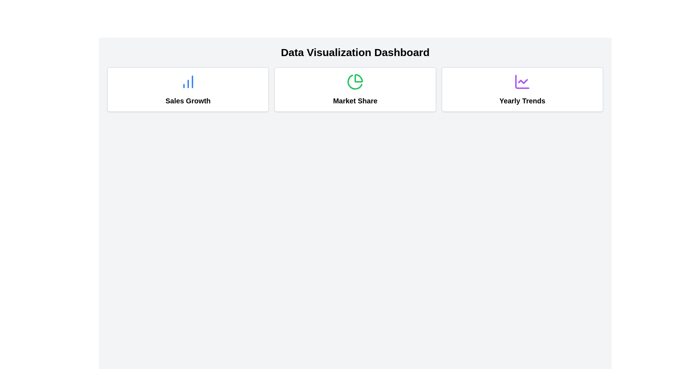  Describe the element at coordinates (355, 81) in the screenshot. I see `the decorative symbol associated with the 'Market Share' section located at the center of the second card labeled 'Market Share' on the dashboard` at that location.